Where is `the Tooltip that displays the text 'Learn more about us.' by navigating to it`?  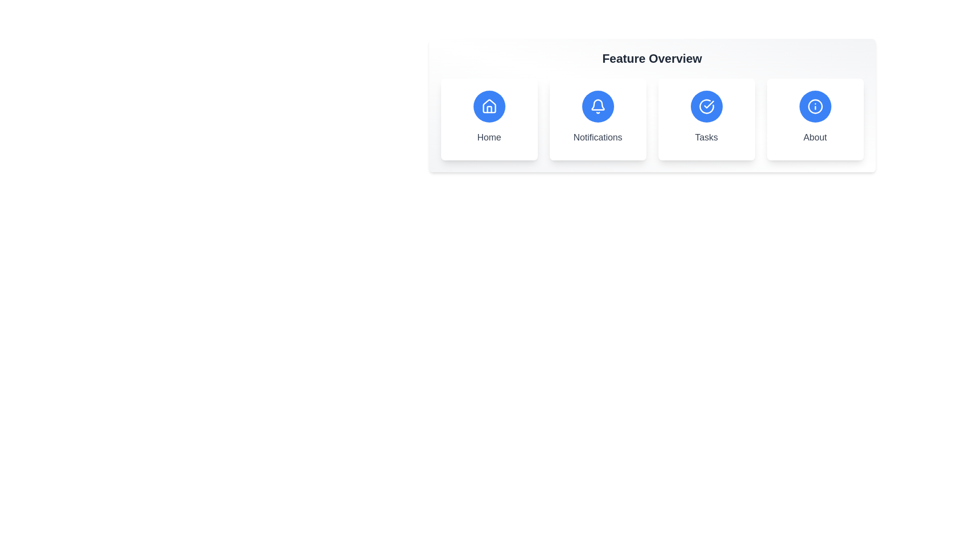 the Tooltip that displays the text 'Learn more about us.' by navigating to it is located at coordinates (815, 65).